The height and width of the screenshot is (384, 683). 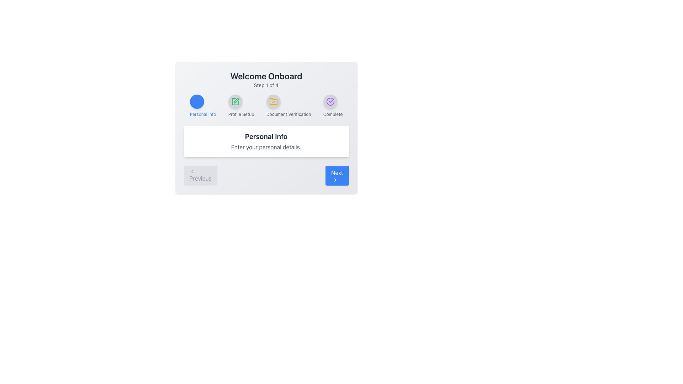 What do you see at coordinates (202, 114) in the screenshot?
I see `the 'Personal Info' Text Label located near the top-left of the main interface panel, below the circular blue icon` at bounding box center [202, 114].